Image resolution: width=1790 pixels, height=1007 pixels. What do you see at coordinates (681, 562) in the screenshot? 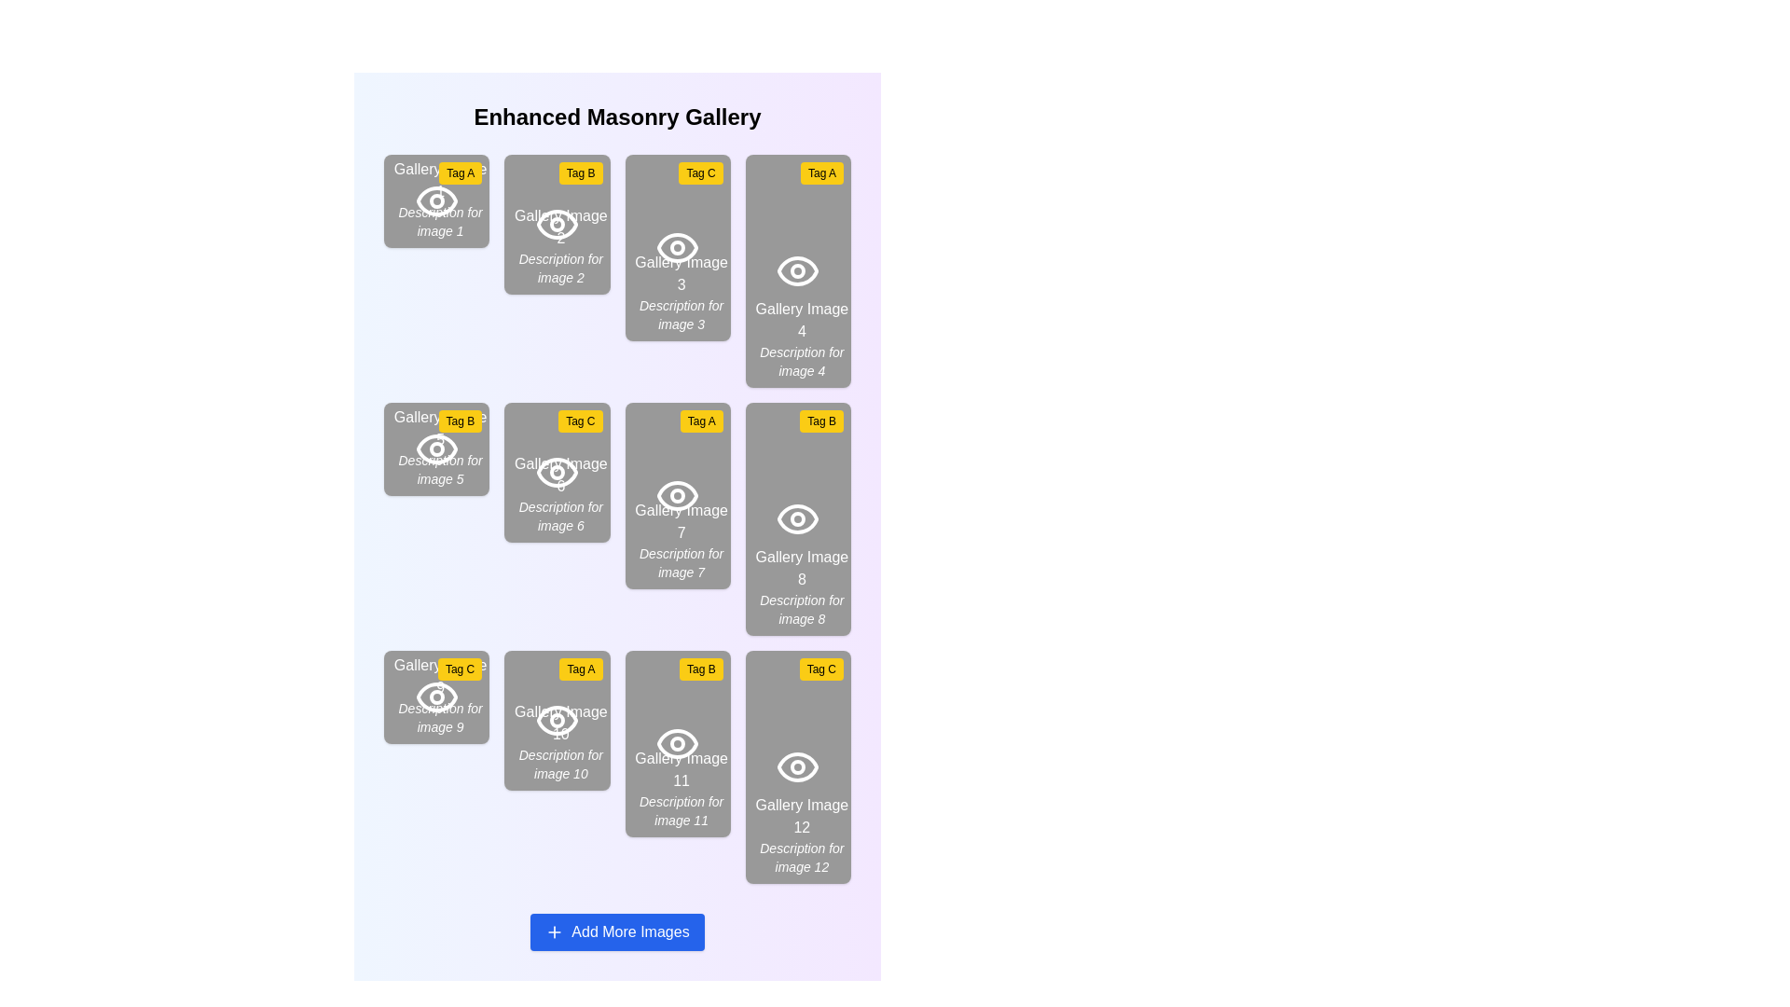
I see `the text label providing descriptive information about the associated image within the card labeled 'Gallery Image 7', located in the bottom section of the card in the fourth row of a masonry gallery-style grid layout` at bounding box center [681, 562].